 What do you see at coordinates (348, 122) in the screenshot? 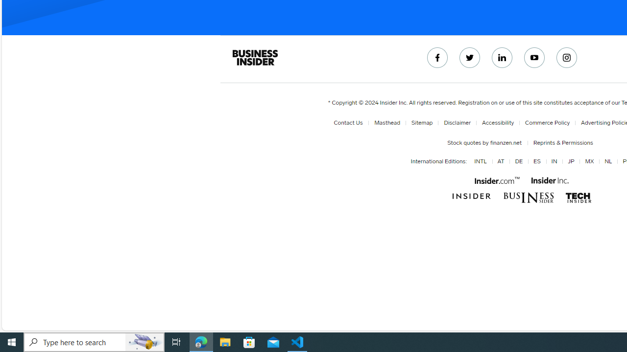
I see `'Contact Us'` at bounding box center [348, 122].